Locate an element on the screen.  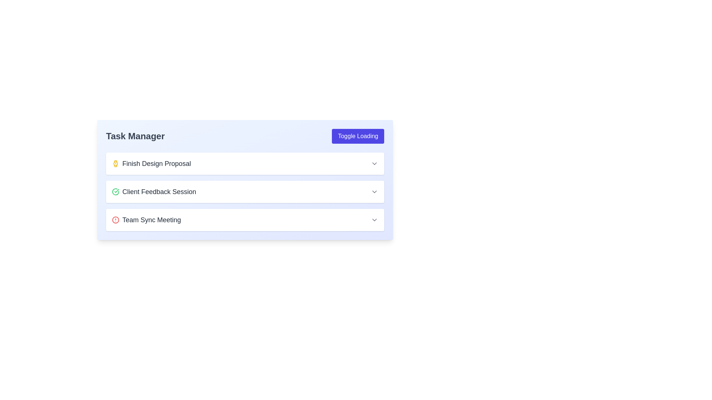
the Dropdown trigger icon (Chevron) is located at coordinates (374, 220).